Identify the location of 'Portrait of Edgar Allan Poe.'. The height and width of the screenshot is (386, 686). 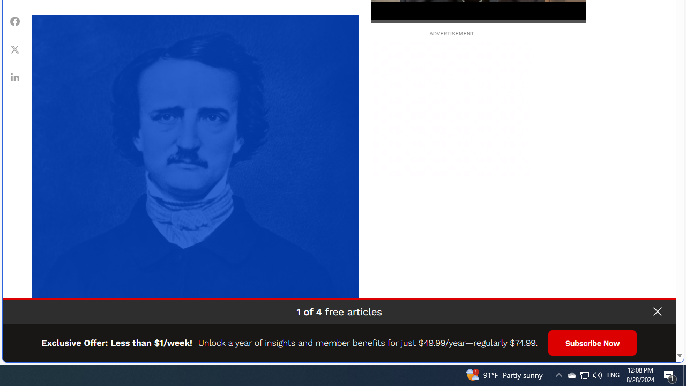
(195, 177).